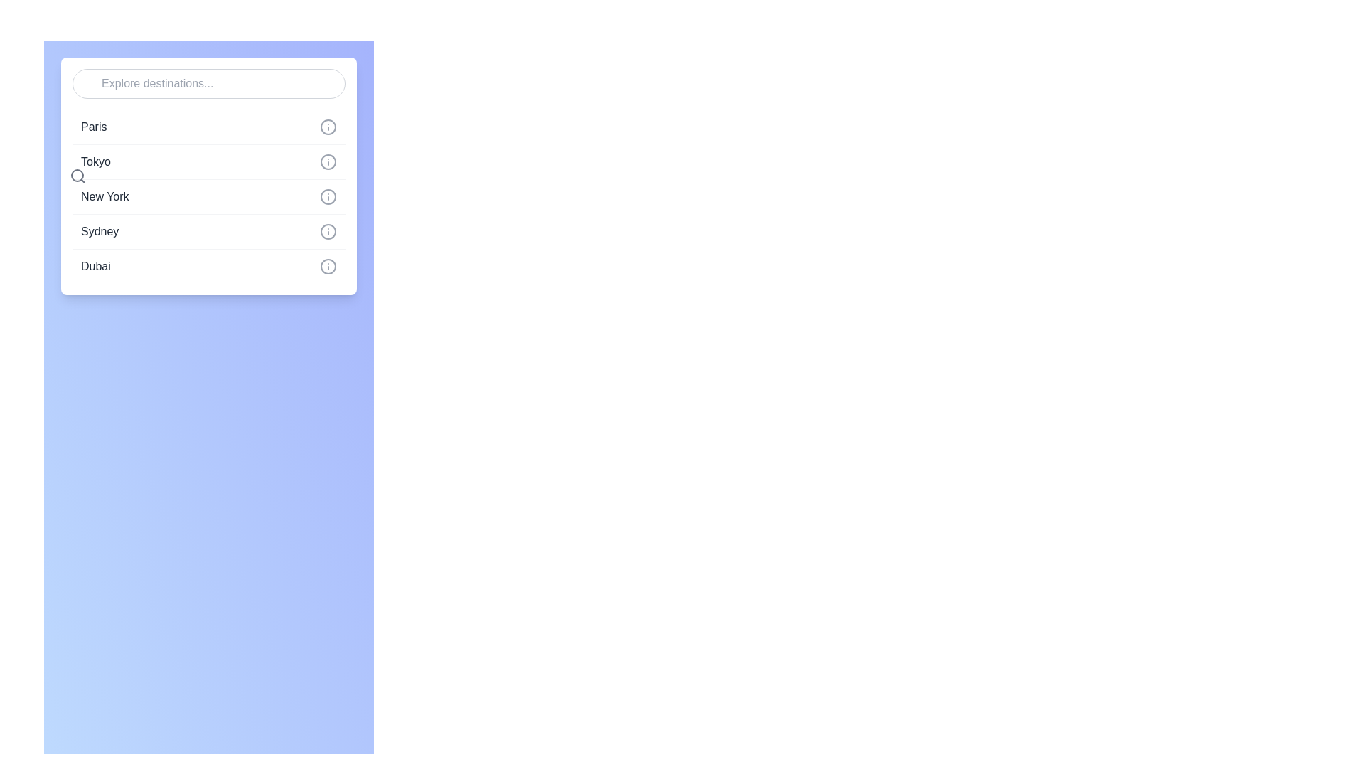 Image resolution: width=1365 pixels, height=768 pixels. What do you see at coordinates (327, 197) in the screenshot?
I see `the information icon located to the right of the 'New York' text in the dropdown menu's third row` at bounding box center [327, 197].